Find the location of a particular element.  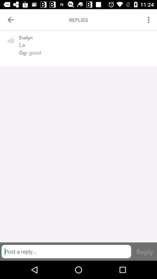

the icon next to evelyn item is located at coordinates (11, 43).